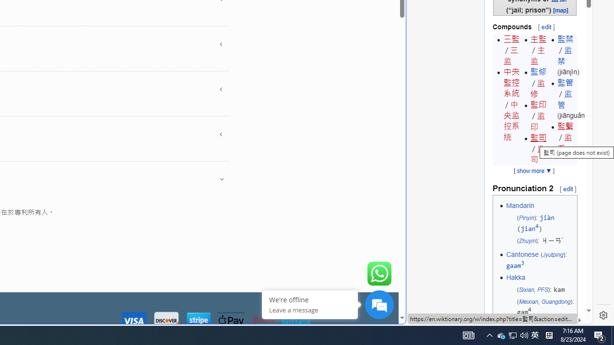 This screenshot has height=345, width=614. Describe the element at coordinates (553, 254) in the screenshot. I see `'Jyutping'` at that location.